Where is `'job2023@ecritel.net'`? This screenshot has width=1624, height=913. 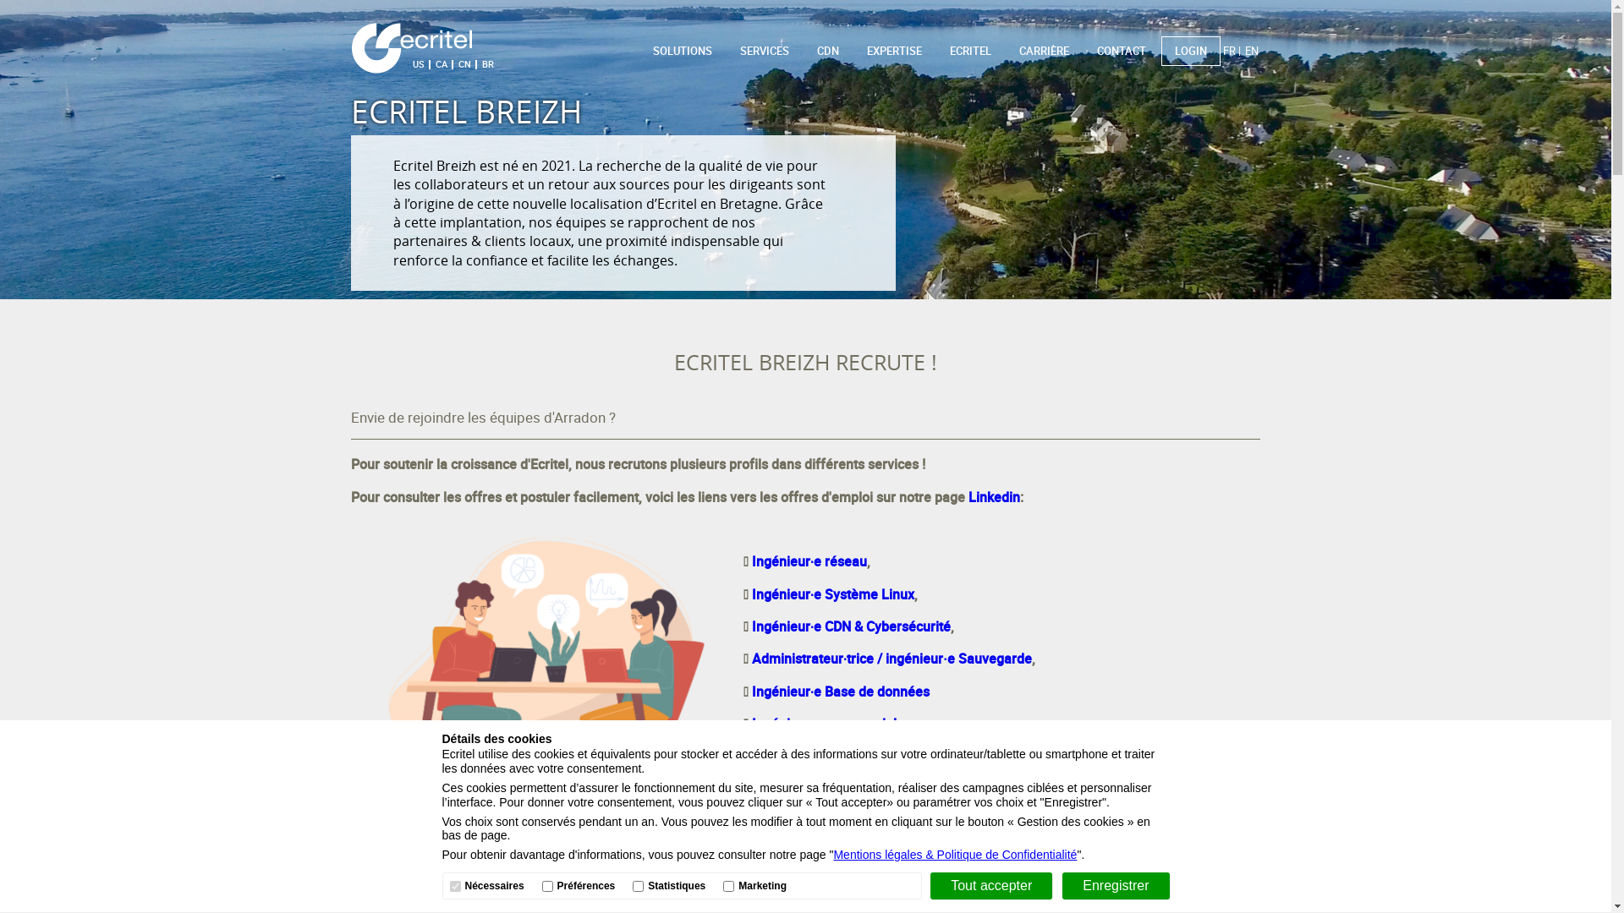
'job2023@ecritel.net' is located at coordinates (888, 872).